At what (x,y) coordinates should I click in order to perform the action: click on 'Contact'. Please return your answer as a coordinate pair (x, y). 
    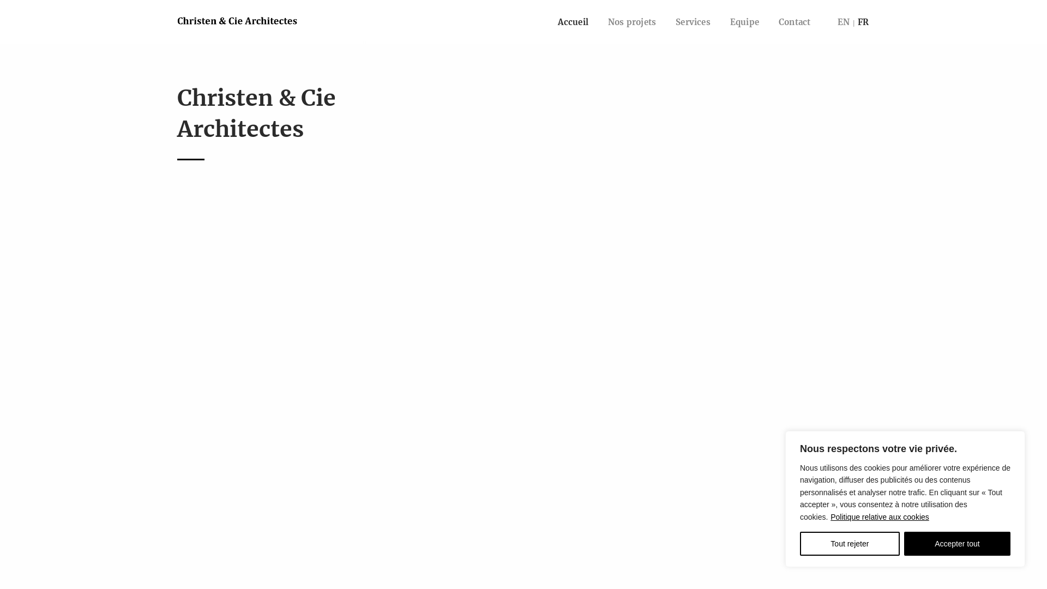
    Looking at the image, I should click on (768, 22).